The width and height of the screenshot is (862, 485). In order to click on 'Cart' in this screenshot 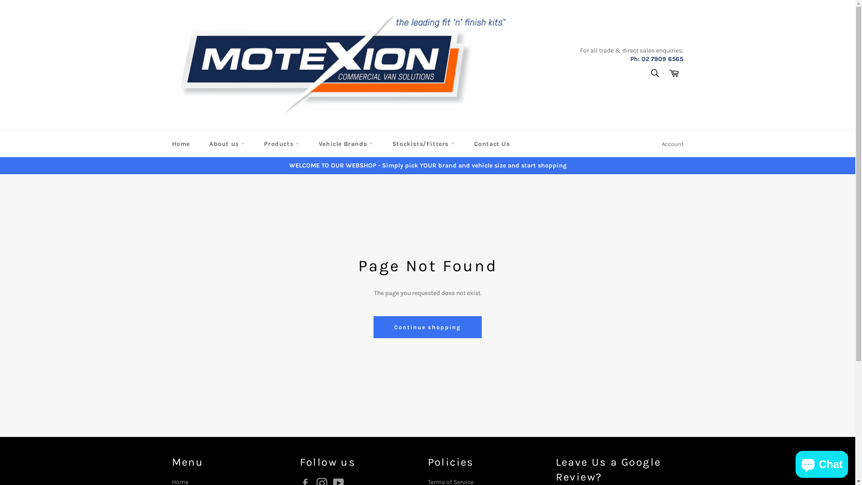, I will do `click(674, 73)`.